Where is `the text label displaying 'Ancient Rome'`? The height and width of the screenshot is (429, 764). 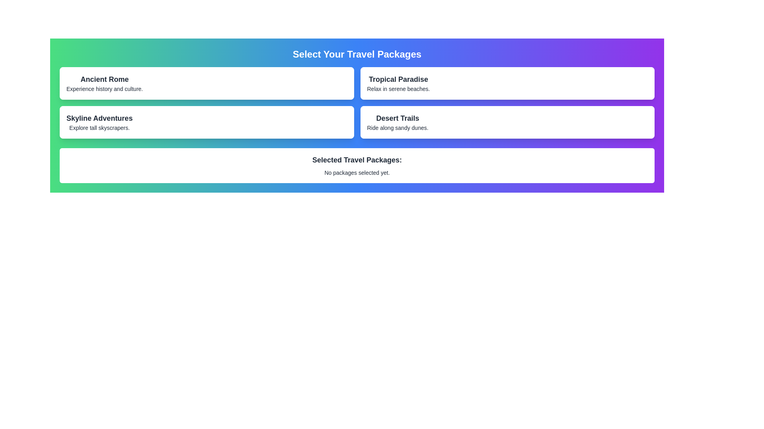 the text label displaying 'Ancient Rome' is located at coordinates (104, 79).